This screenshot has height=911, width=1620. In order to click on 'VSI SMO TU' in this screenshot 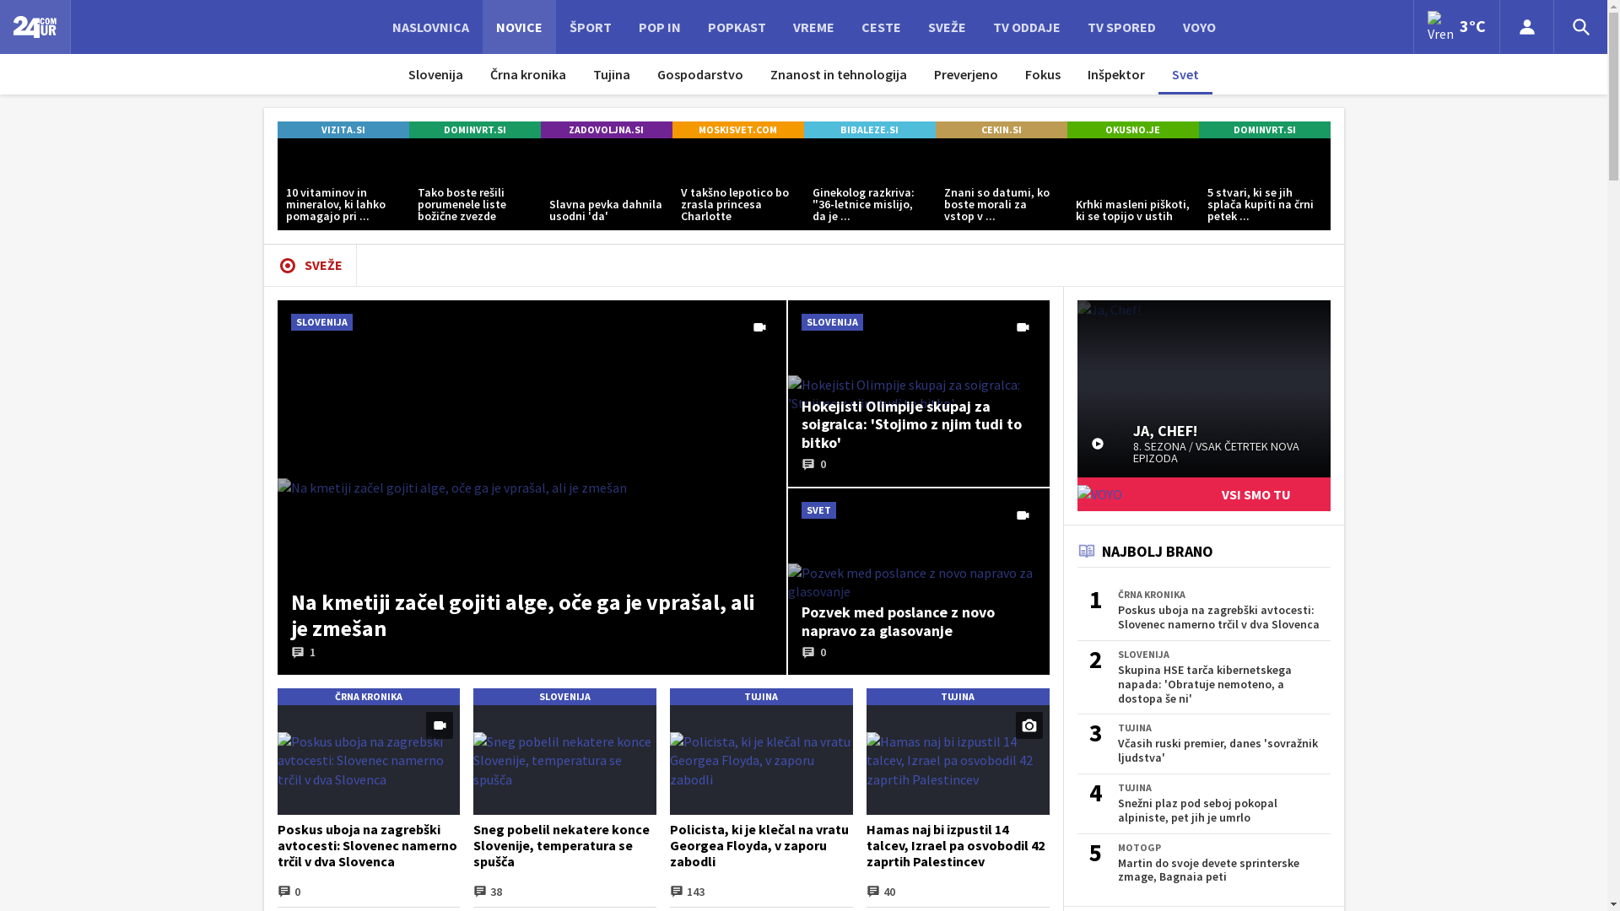, I will do `click(1201, 493)`.